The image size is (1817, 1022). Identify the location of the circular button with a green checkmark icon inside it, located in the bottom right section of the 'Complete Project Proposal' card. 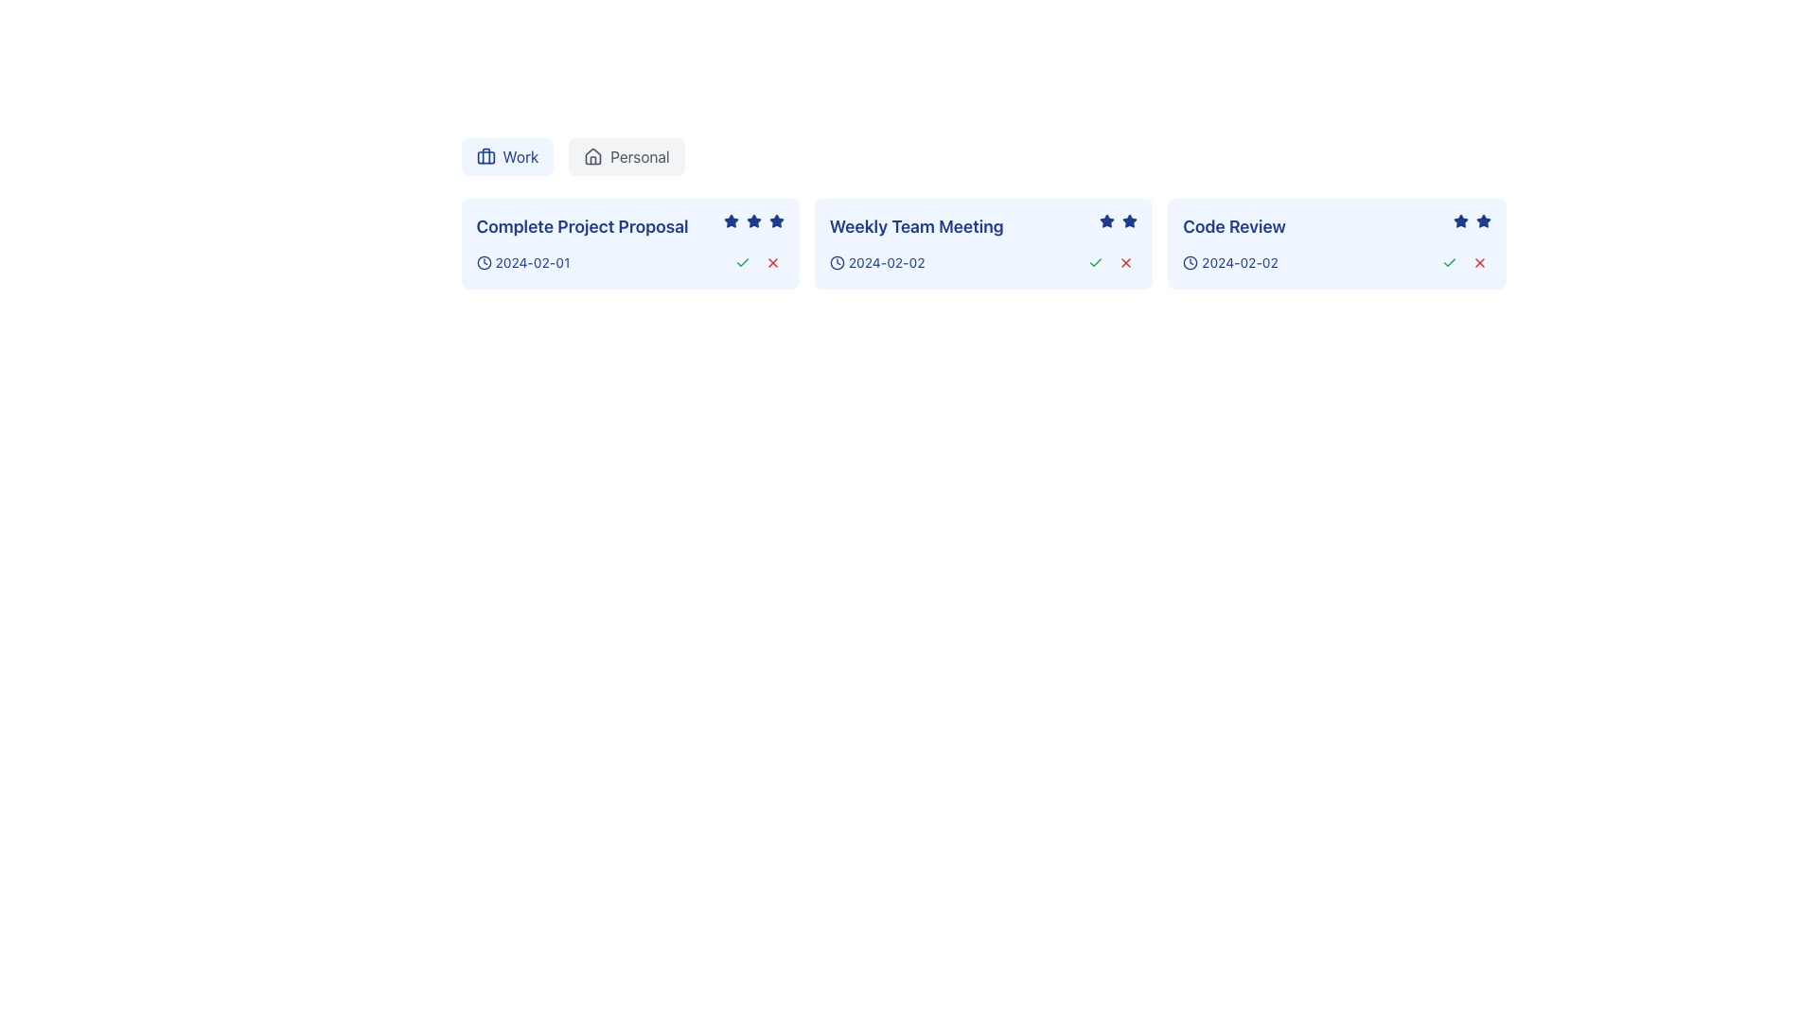
(741, 262).